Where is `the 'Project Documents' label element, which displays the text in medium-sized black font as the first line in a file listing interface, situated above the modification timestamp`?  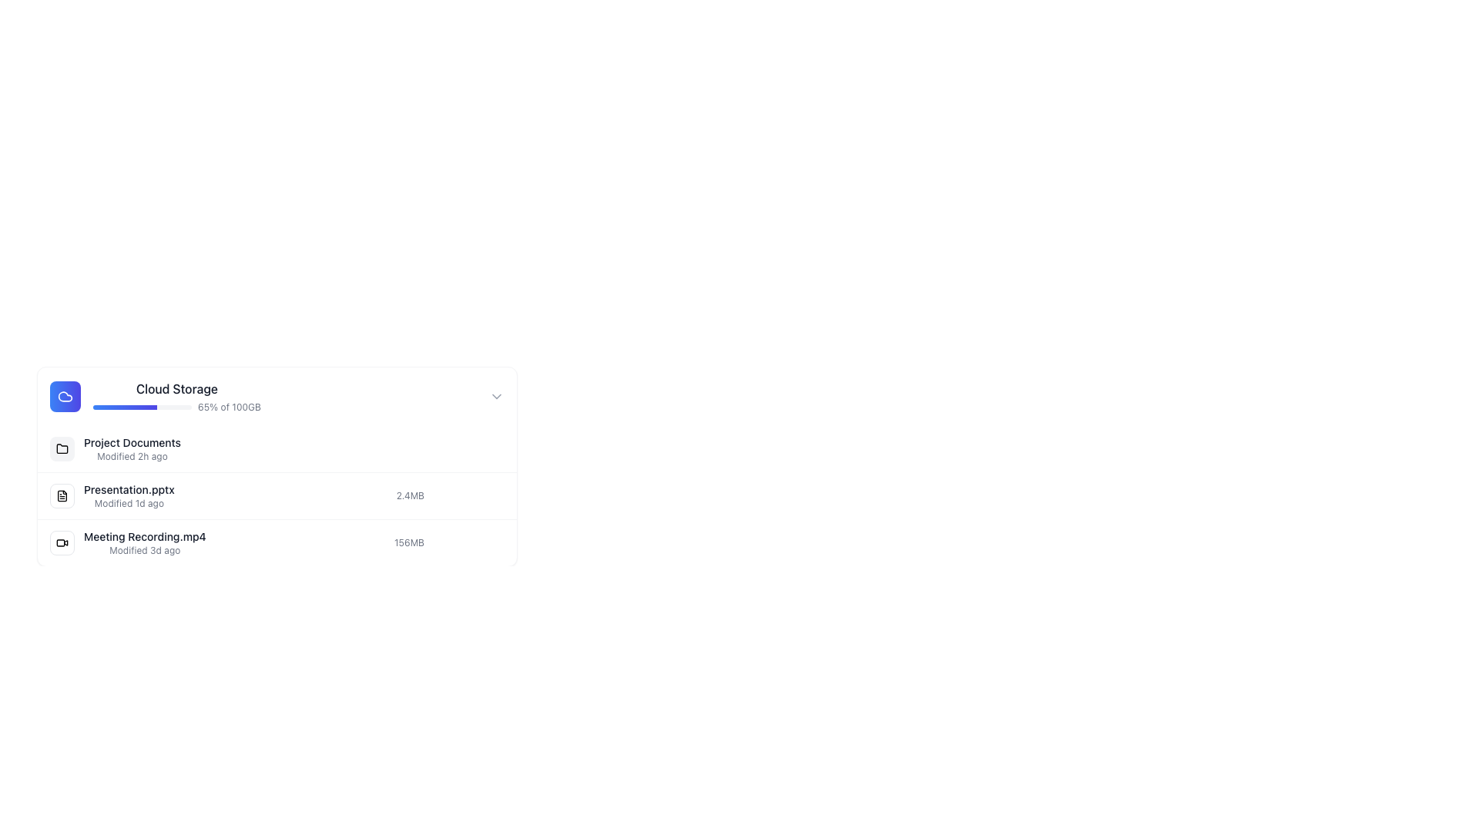 the 'Project Documents' label element, which displays the text in medium-sized black font as the first line in a file listing interface, situated above the modification timestamp is located at coordinates (132, 442).